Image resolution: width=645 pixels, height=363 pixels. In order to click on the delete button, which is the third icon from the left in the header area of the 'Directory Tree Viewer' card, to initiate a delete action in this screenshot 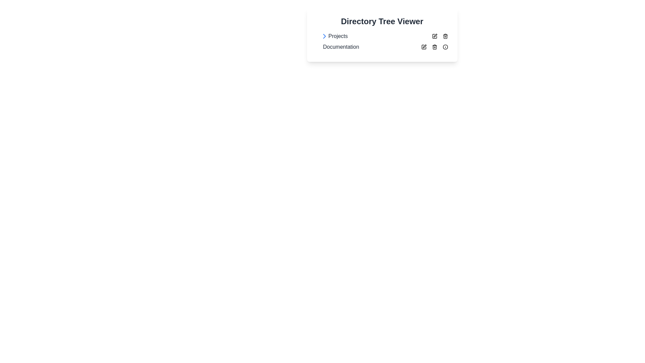, I will do `click(434, 46)`.